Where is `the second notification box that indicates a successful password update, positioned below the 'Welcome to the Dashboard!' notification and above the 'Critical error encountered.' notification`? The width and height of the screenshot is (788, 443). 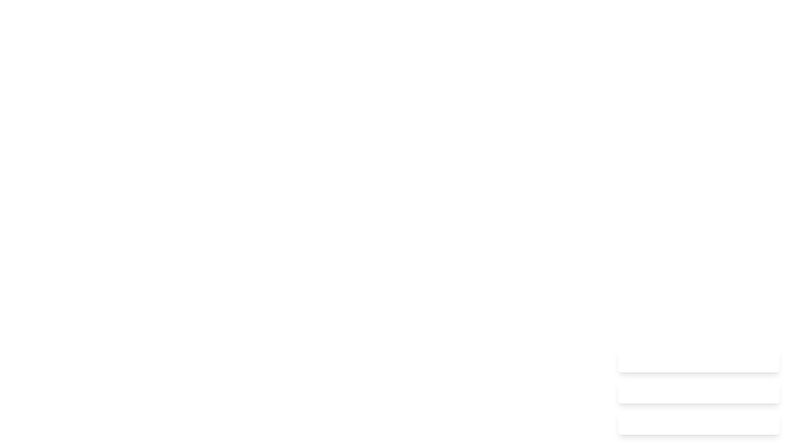
the second notification box that indicates a successful password update, positioned below the 'Welcome to the Dashboard!' notification and above the 'Critical error encountered.' notification is located at coordinates (698, 392).